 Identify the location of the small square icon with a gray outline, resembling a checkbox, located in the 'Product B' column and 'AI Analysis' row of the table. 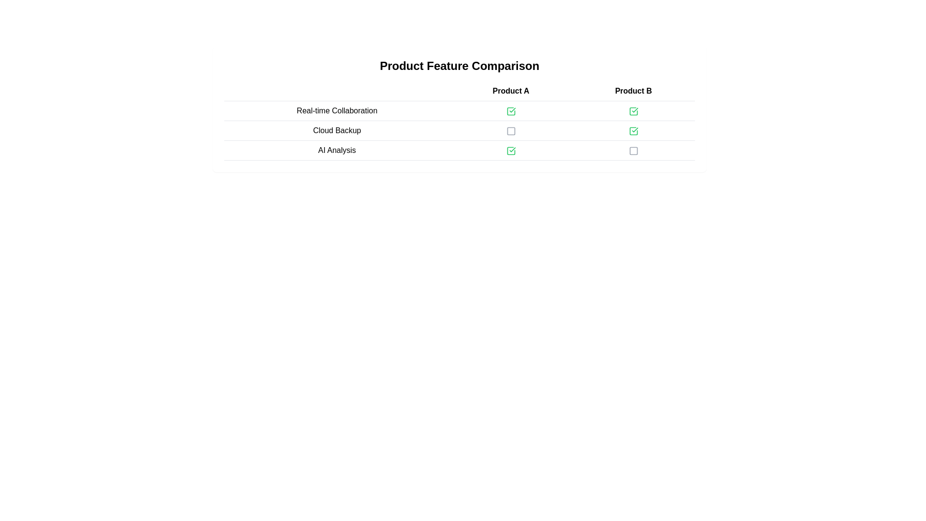
(633, 151).